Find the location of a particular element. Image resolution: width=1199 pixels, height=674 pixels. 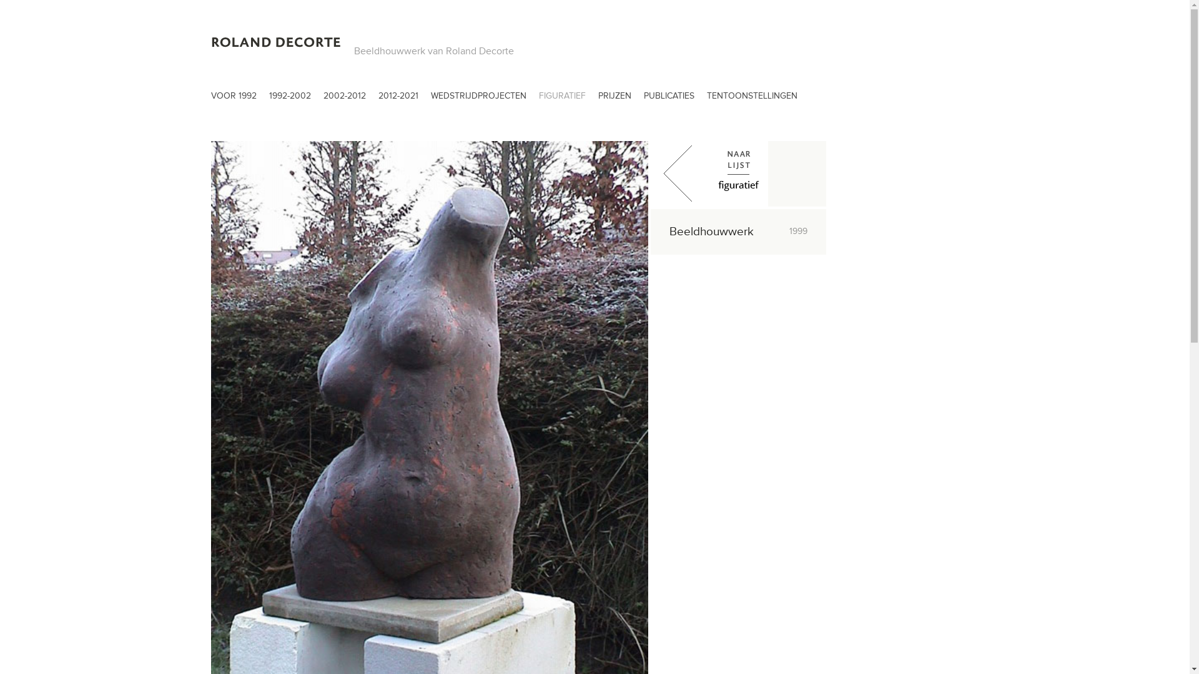

'PUBLICATIES' is located at coordinates (668, 98).